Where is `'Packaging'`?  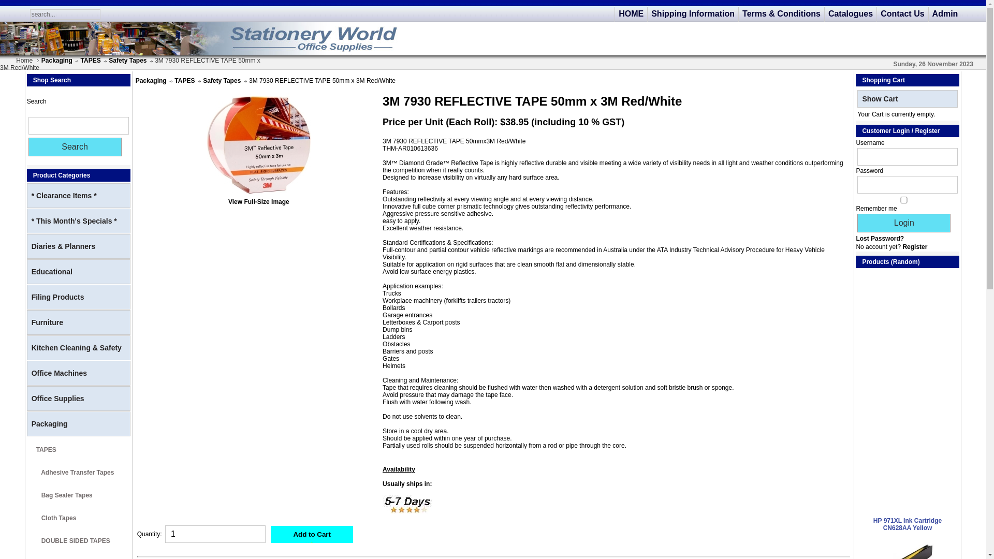 'Packaging' is located at coordinates (151, 80).